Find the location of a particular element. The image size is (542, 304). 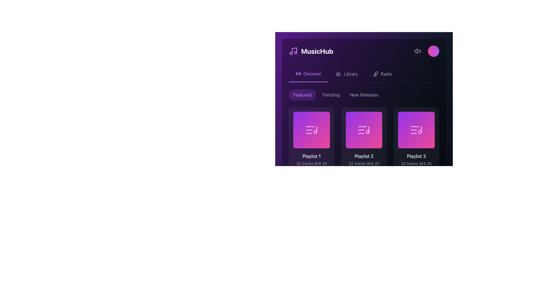

the volume icon represented by a speaker with sound waves, styled in muted gray, located within a circular button at the top-right corner of the interface is located at coordinates (418, 51).